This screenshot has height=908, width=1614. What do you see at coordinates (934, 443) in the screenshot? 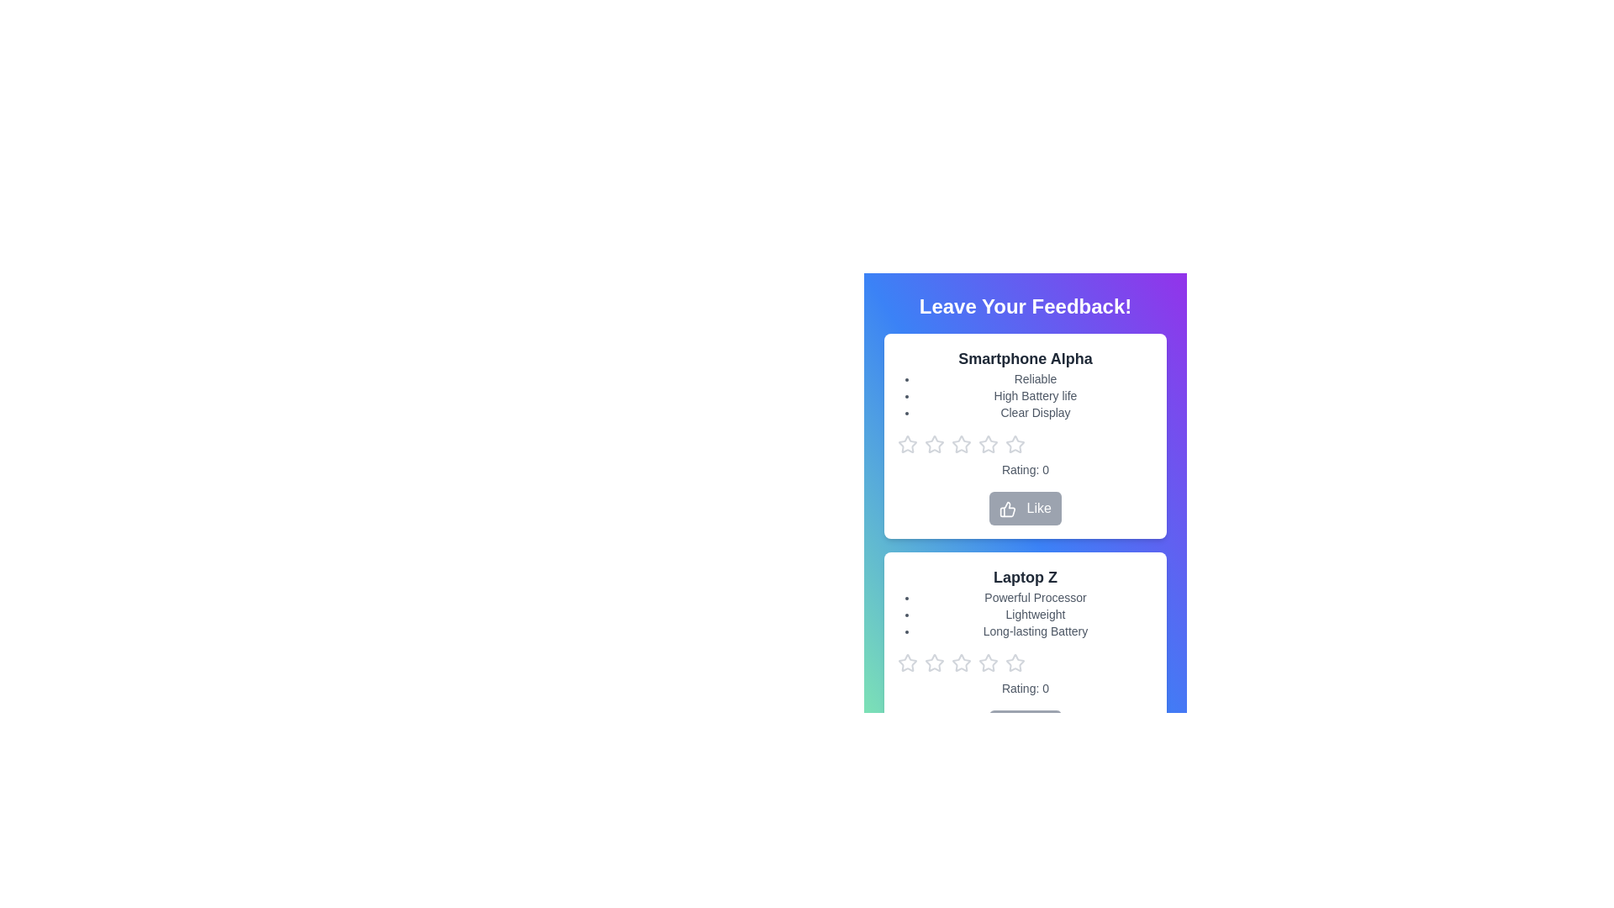
I see `the second star in the 5-star rating system` at bounding box center [934, 443].